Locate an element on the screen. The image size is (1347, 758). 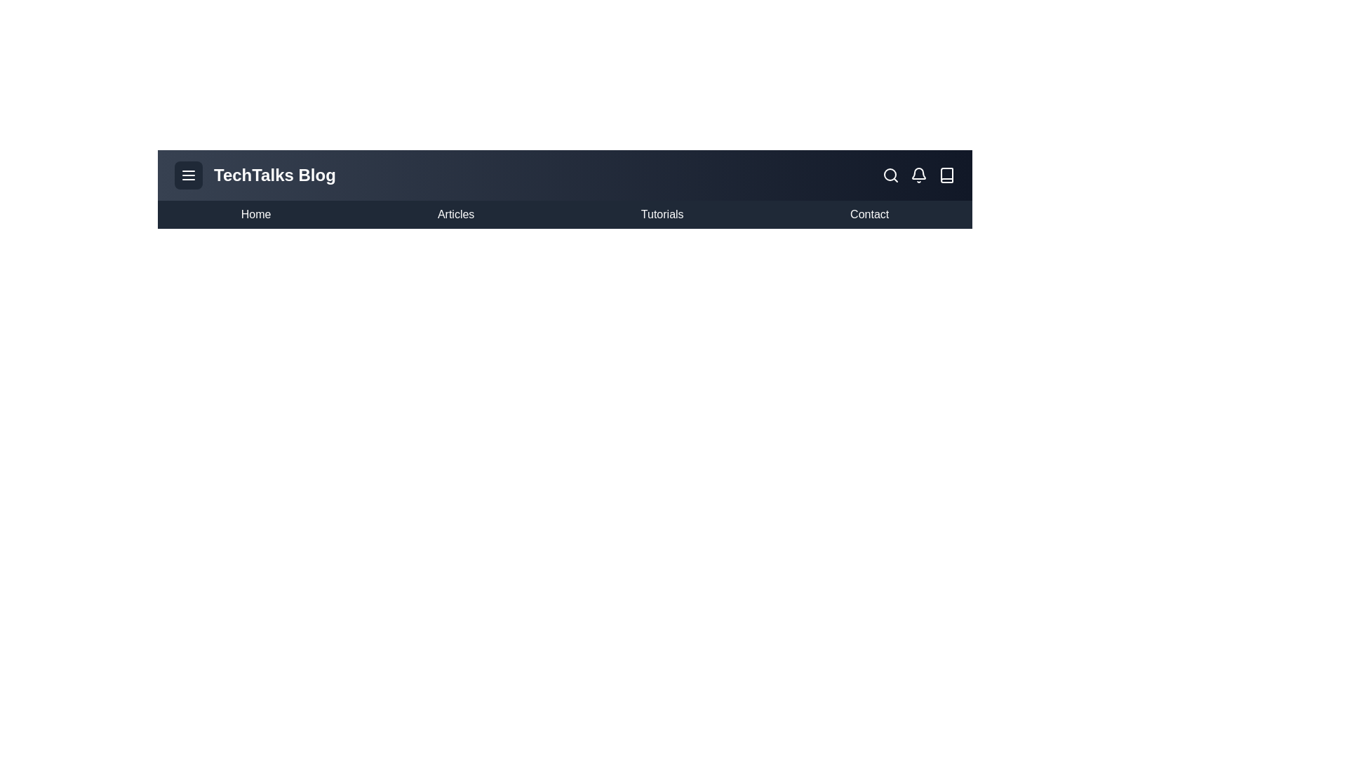
the notification icon to view notifications is located at coordinates (919, 175).